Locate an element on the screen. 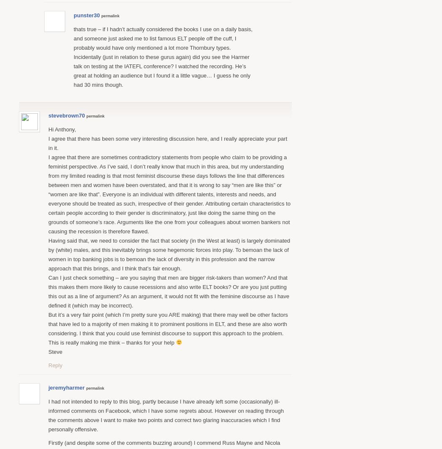  'Incidentally (just in relation to these gurus again) did you see the Harmer talk on testing at the IATEFL conference? I watched the recording. He’s great at holding an audience but I found it a little vague… I guess he only had 30 mins though.' is located at coordinates (162, 70).